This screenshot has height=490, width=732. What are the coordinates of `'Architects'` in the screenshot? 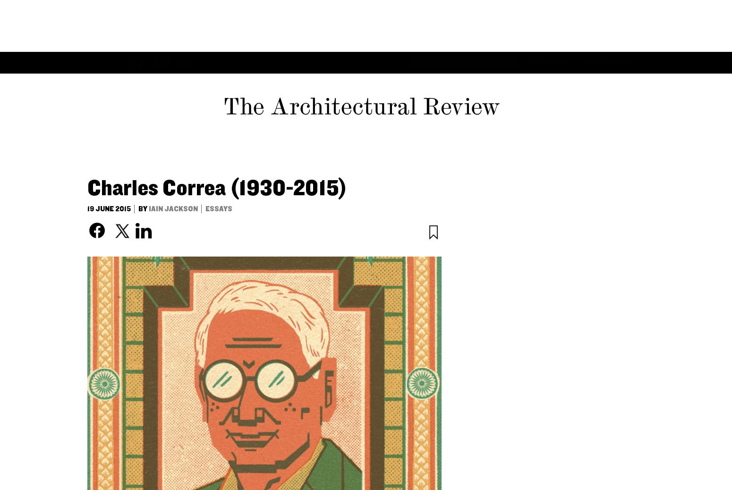 It's located at (258, 10).